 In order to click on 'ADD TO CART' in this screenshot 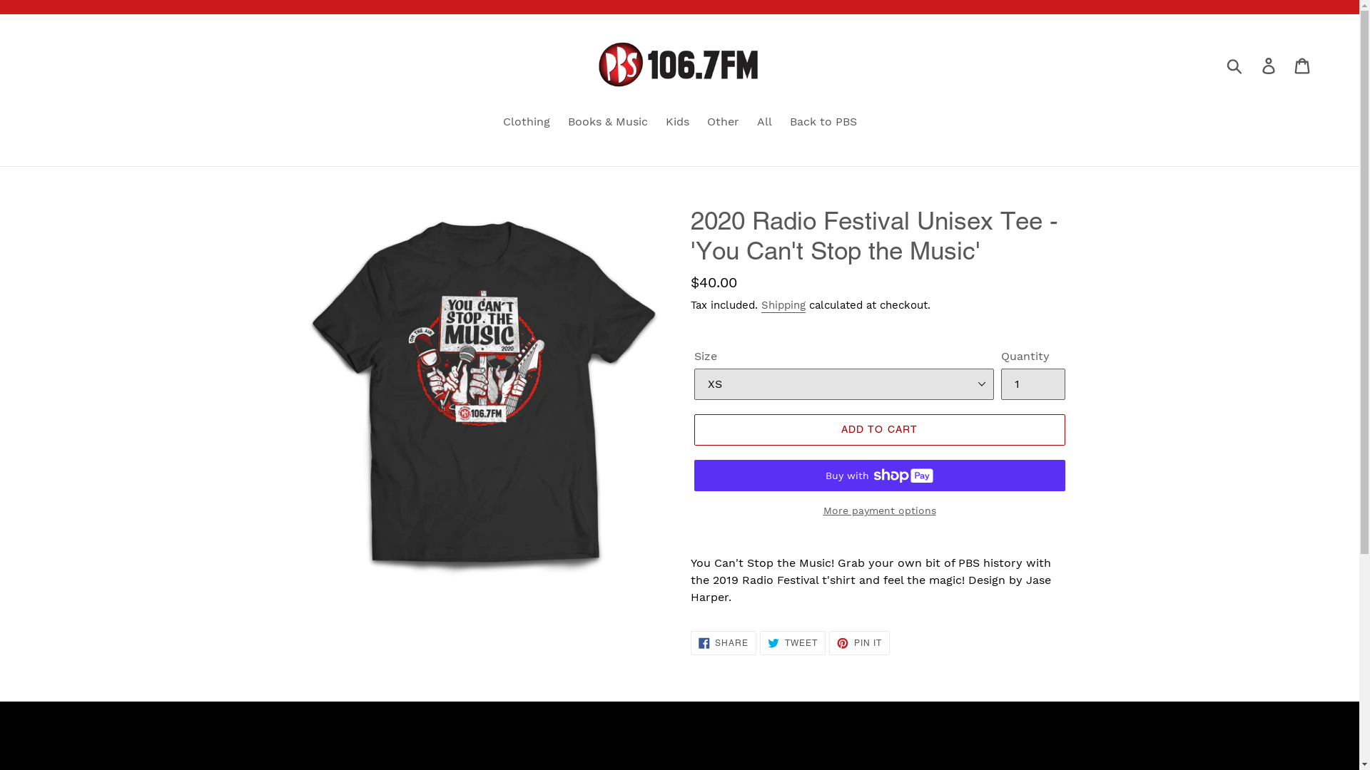, I will do `click(878, 428)`.